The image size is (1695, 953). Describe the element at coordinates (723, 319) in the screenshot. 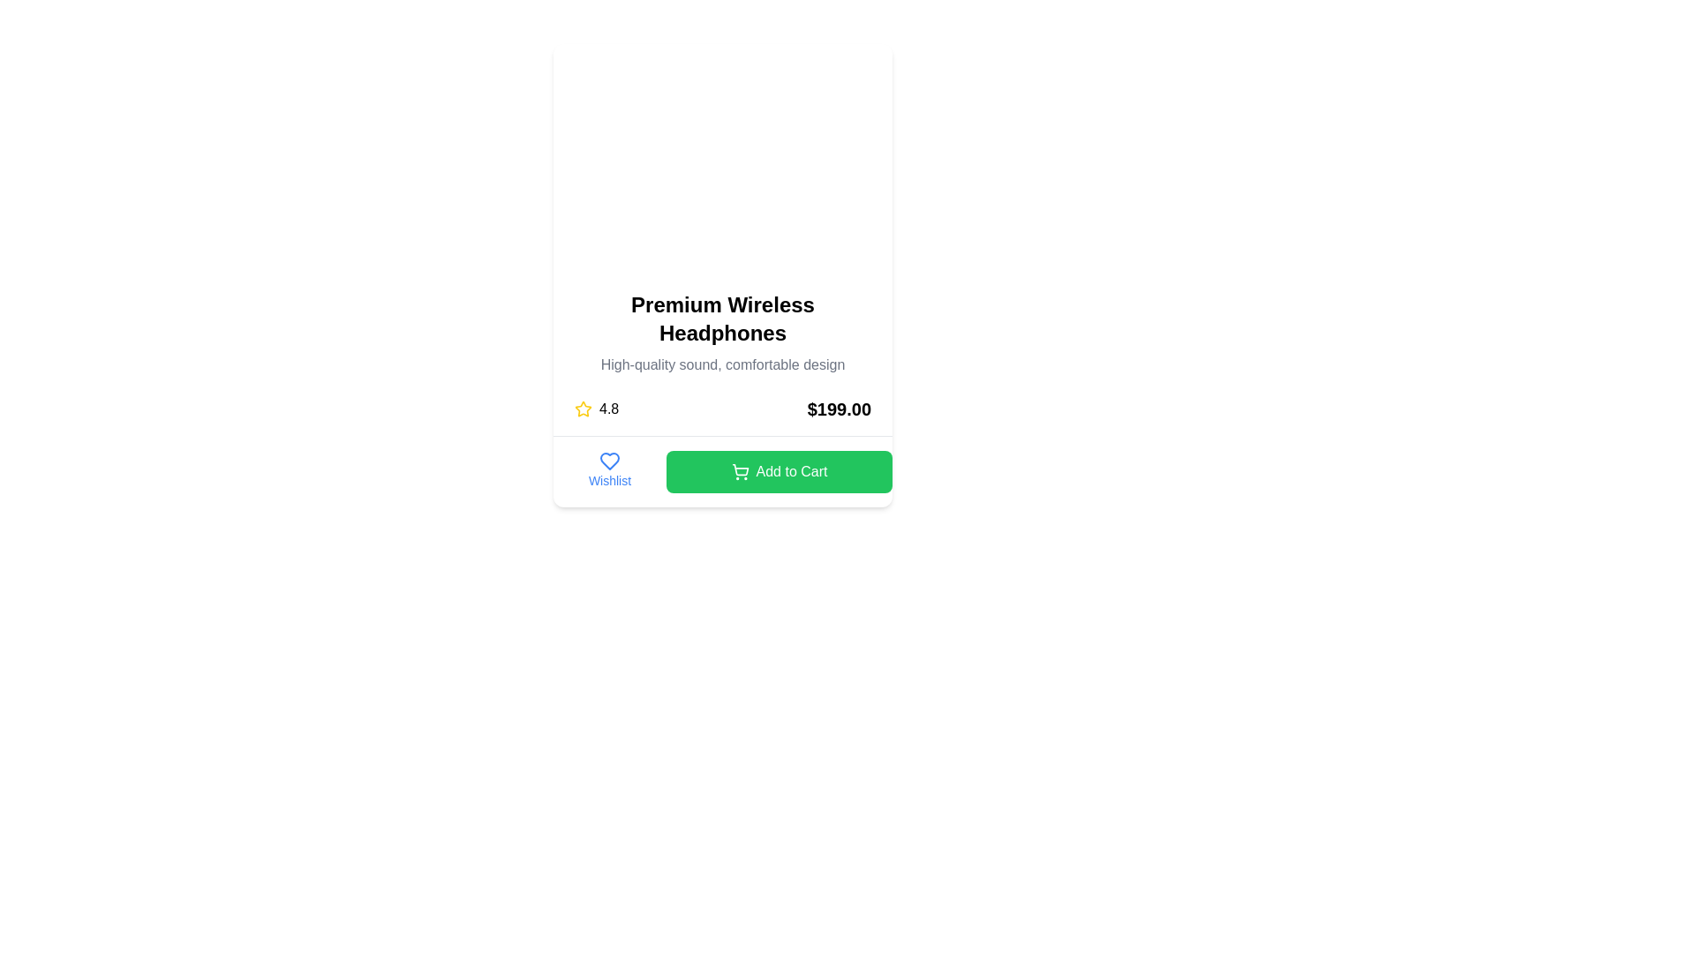

I see `product title displayed in the text label located at the center of the upper section of the product card, directly above the descriptive text 'High-quality sound, comfortable design'` at that location.